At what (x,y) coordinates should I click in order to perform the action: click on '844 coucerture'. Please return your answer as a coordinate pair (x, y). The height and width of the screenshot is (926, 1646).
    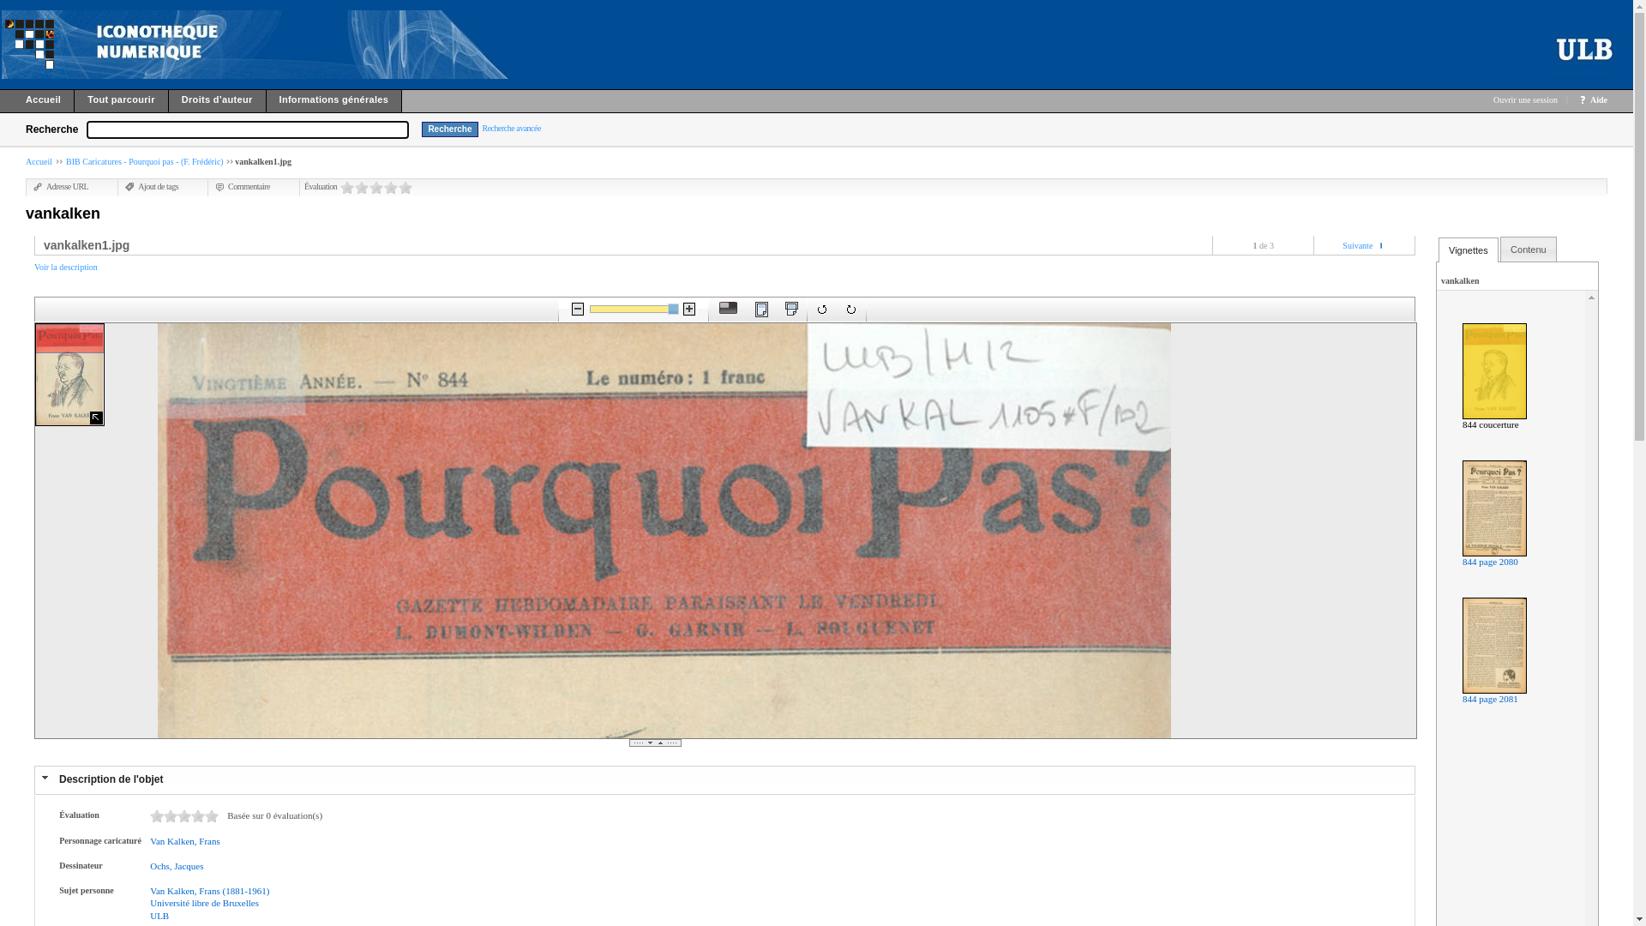
    Looking at the image, I should click on (1489, 424).